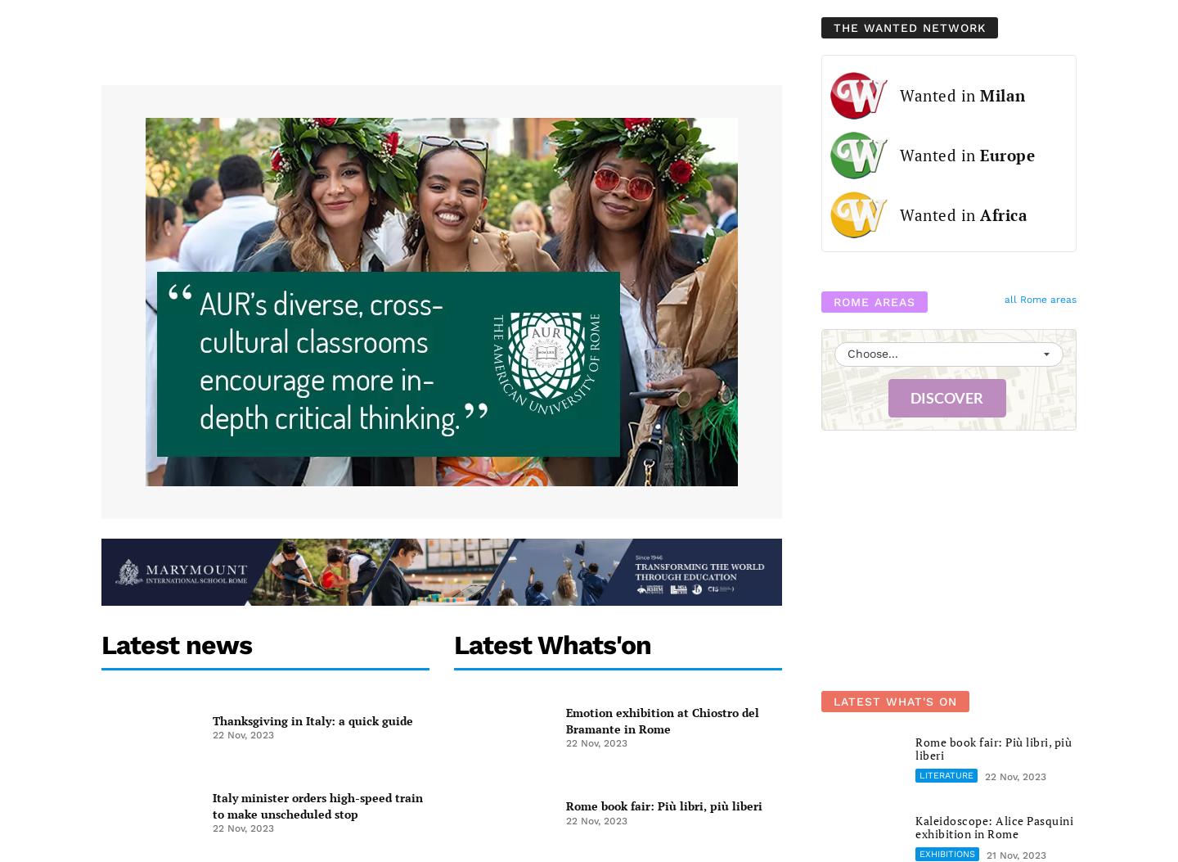 This screenshot has height=862, width=1178. Describe the element at coordinates (552, 644) in the screenshot. I see `'Latest Whats'on'` at that location.